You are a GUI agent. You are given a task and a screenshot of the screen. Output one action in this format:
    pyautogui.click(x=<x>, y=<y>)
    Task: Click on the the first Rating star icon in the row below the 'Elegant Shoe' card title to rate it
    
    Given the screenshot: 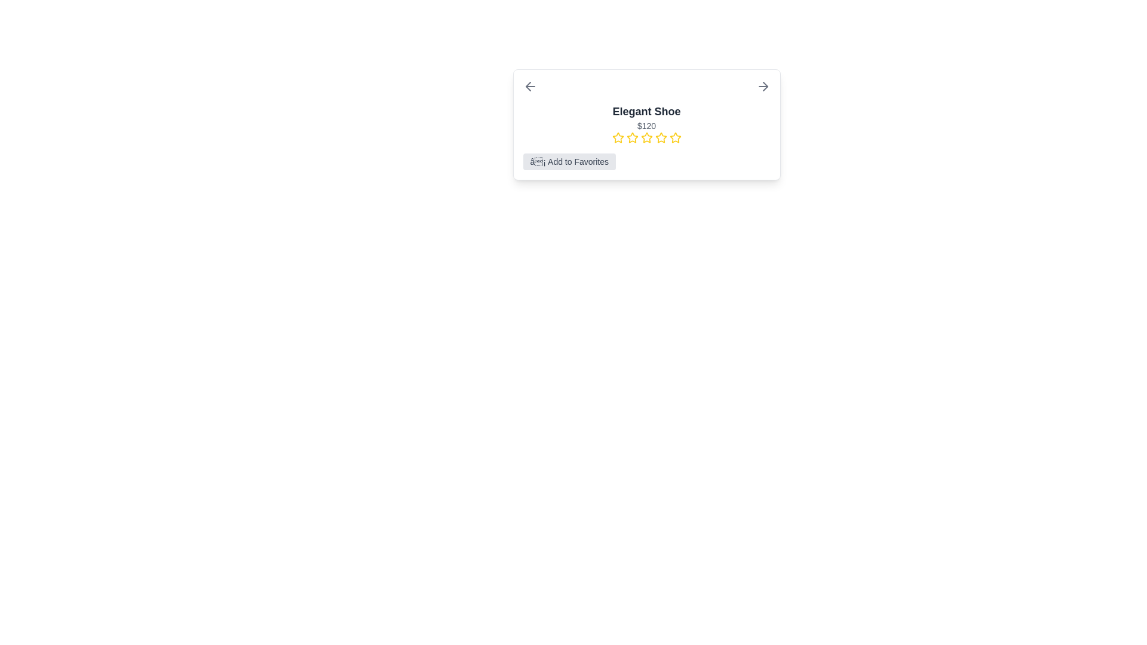 What is the action you would take?
    pyautogui.click(x=618, y=137)
    